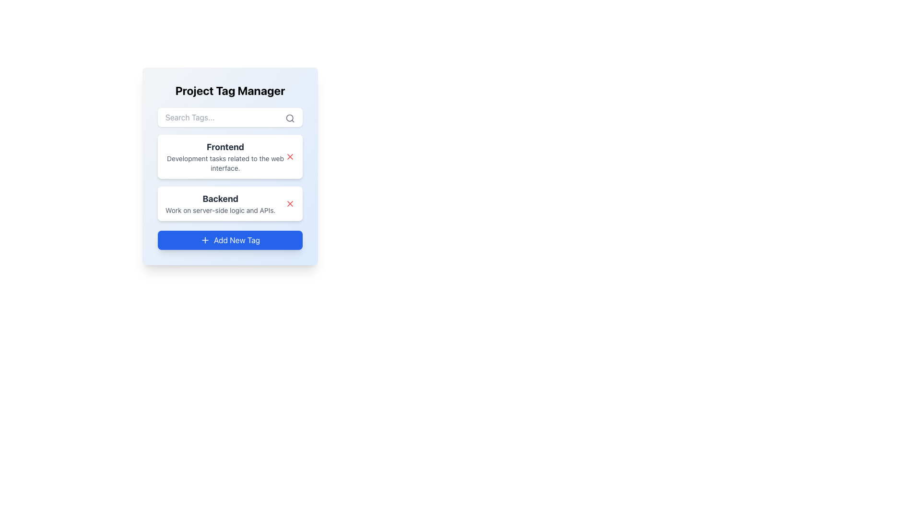  I want to click on bold, black textual label that says 'Frontend', which is located at the top of a list item within a card interface, so click(225, 147).